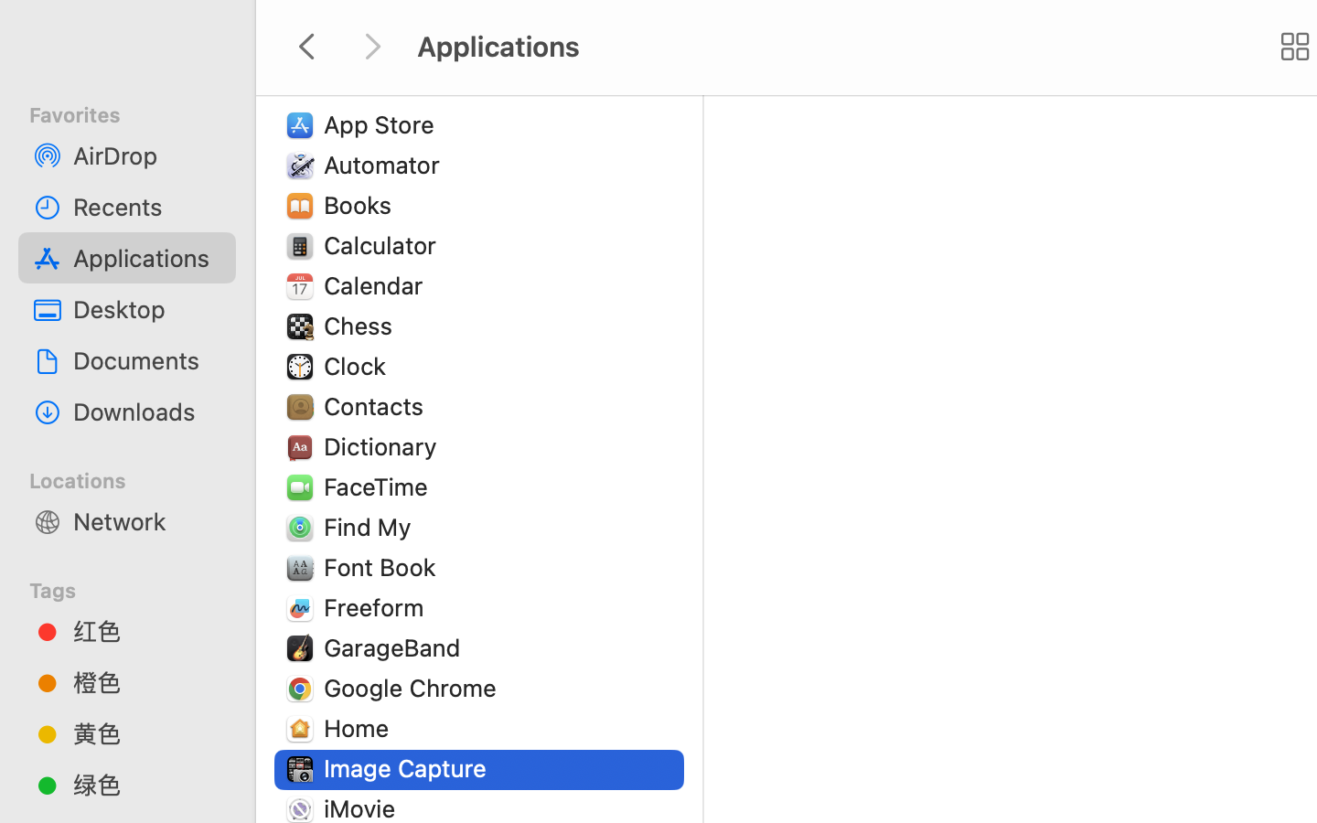  What do you see at coordinates (383, 244) in the screenshot?
I see `'Calculator'` at bounding box center [383, 244].